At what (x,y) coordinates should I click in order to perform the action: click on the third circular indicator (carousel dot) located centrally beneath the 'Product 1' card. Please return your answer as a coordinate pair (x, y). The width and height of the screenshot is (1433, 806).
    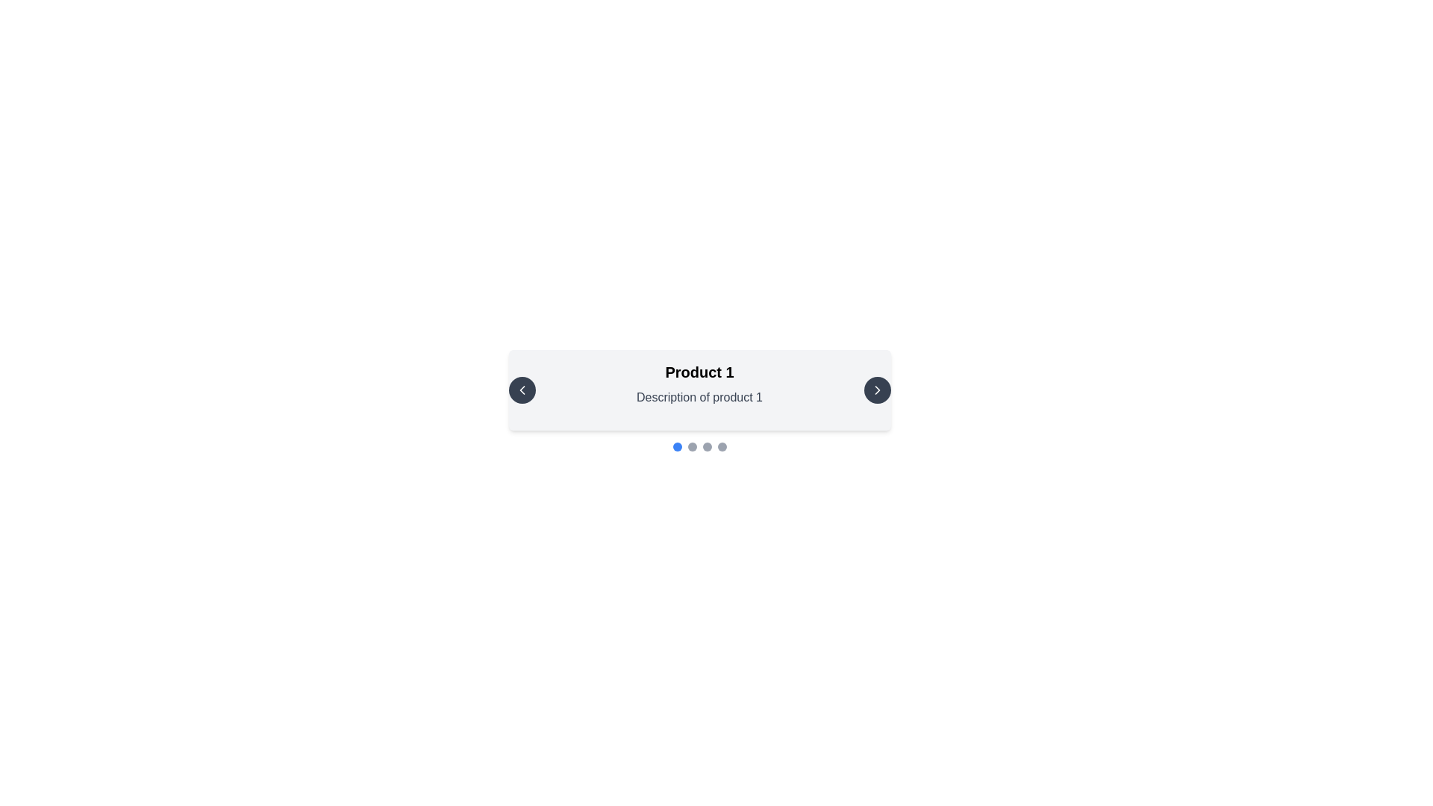
    Looking at the image, I should click on (706, 446).